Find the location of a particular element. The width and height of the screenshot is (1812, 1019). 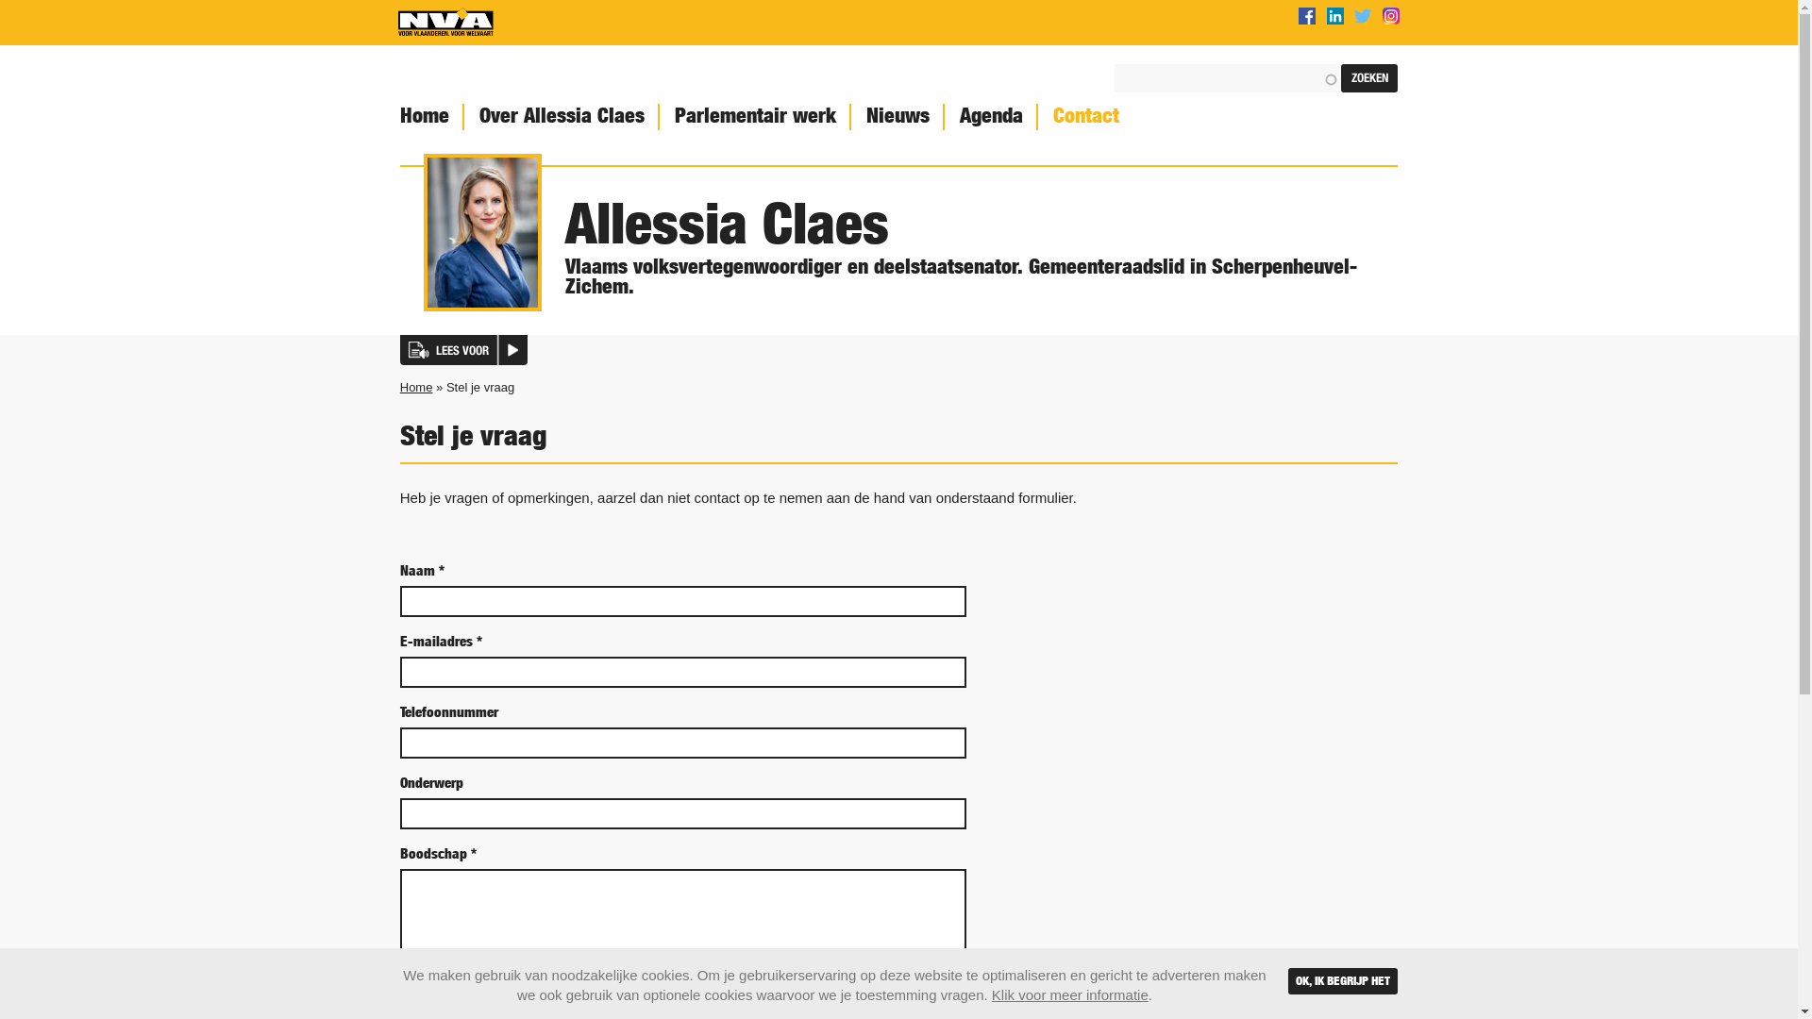

'Agenda' is located at coordinates (988, 116).